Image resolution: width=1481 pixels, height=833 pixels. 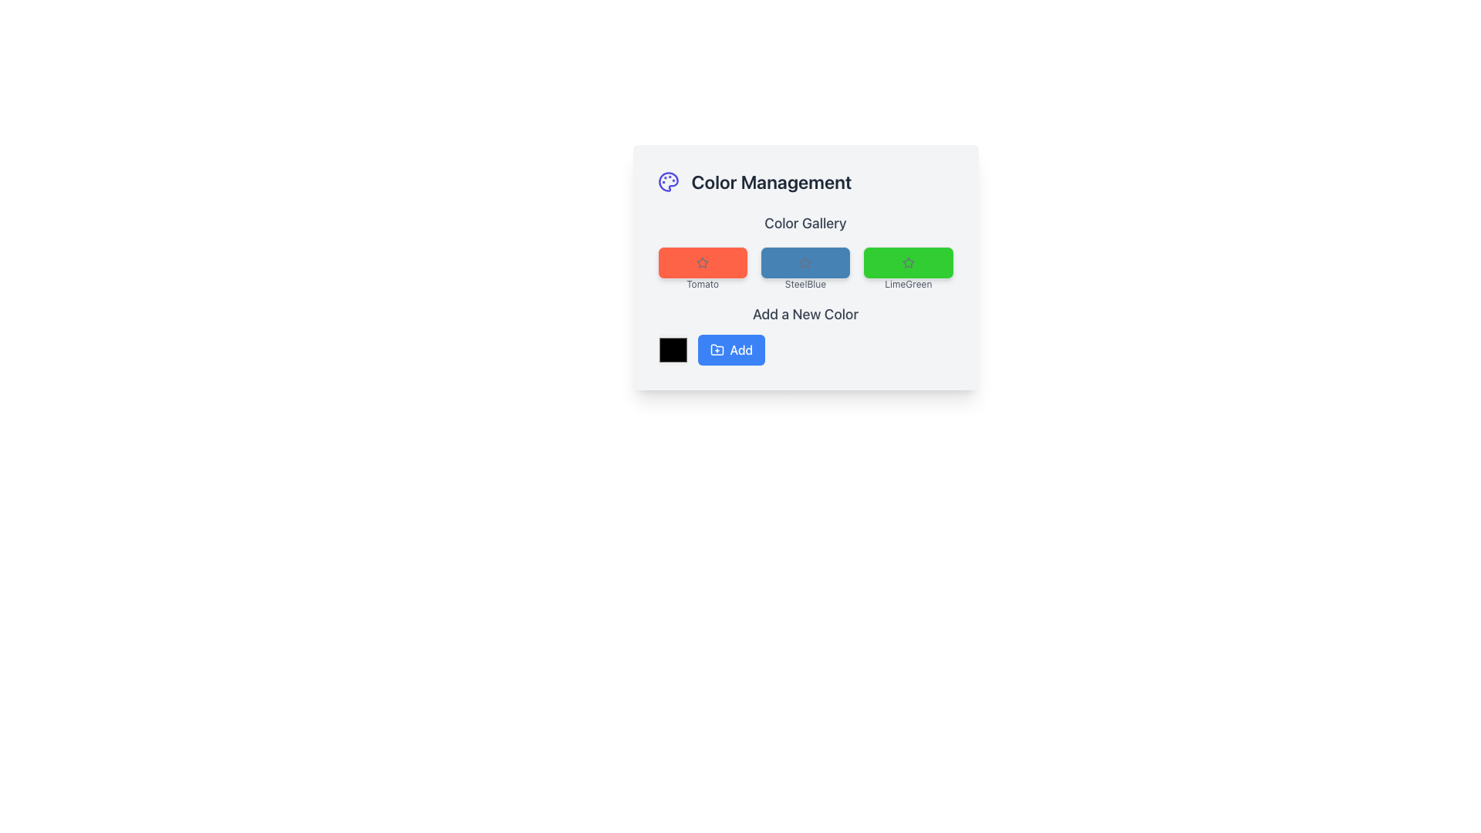 What do you see at coordinates (702, 261) in the screenshot?
I see `the star icon located within the top-left button labeled 'Tomato' in the 'Color Gallery' section of the 'Color Management' interface` at bounding box center [702, 261].